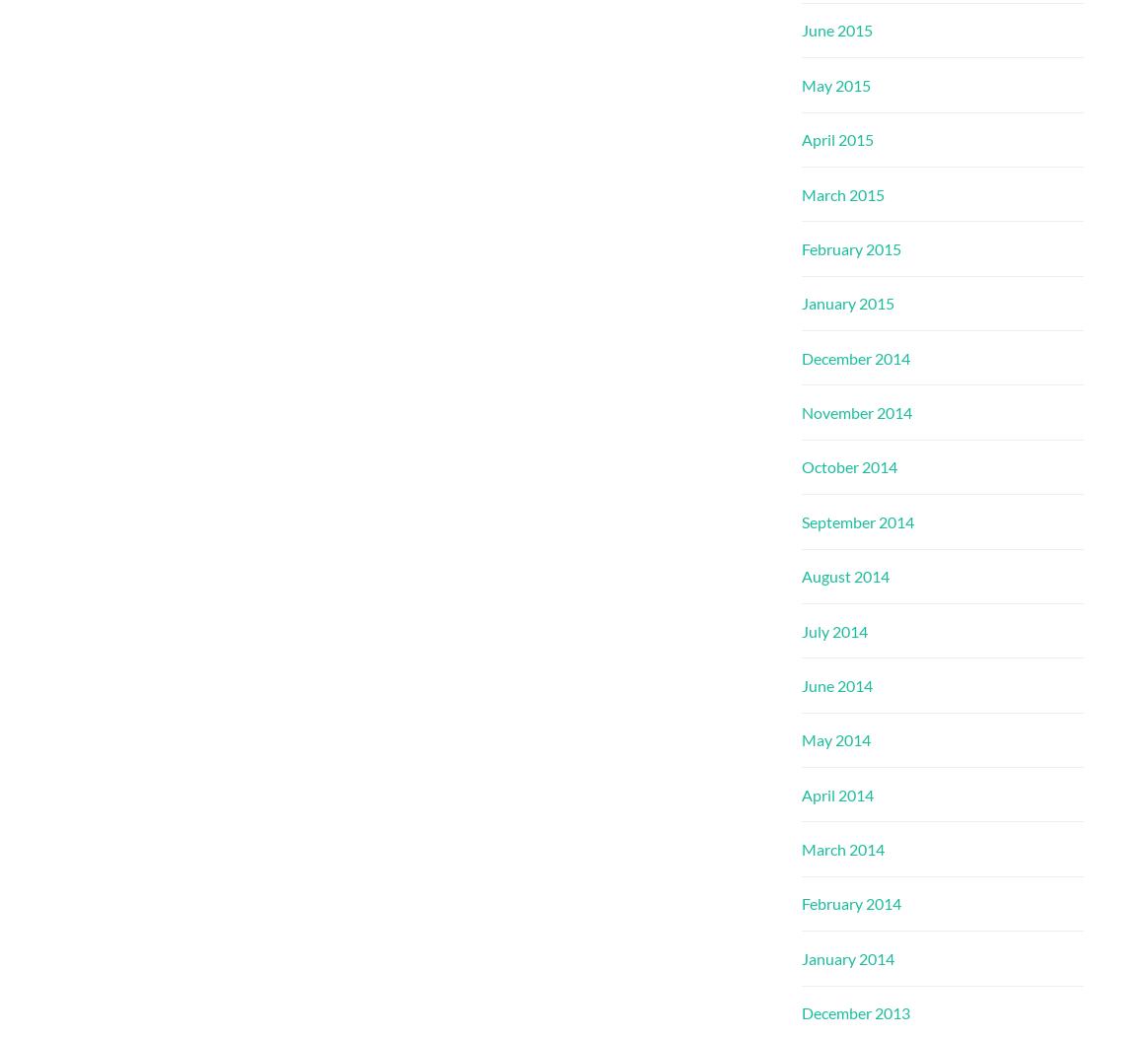  What do you see at coordinates (801, 848) in the screenshot?
I see `'March 2014'` at bounding box center [801, 848].